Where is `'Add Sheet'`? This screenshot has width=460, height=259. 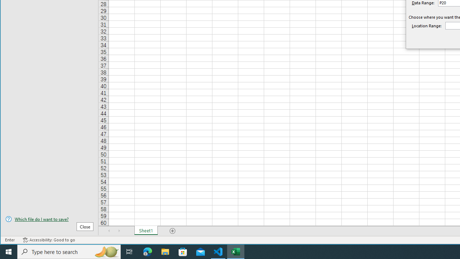 'Add Sheet' is located at coordinates (173, 231).